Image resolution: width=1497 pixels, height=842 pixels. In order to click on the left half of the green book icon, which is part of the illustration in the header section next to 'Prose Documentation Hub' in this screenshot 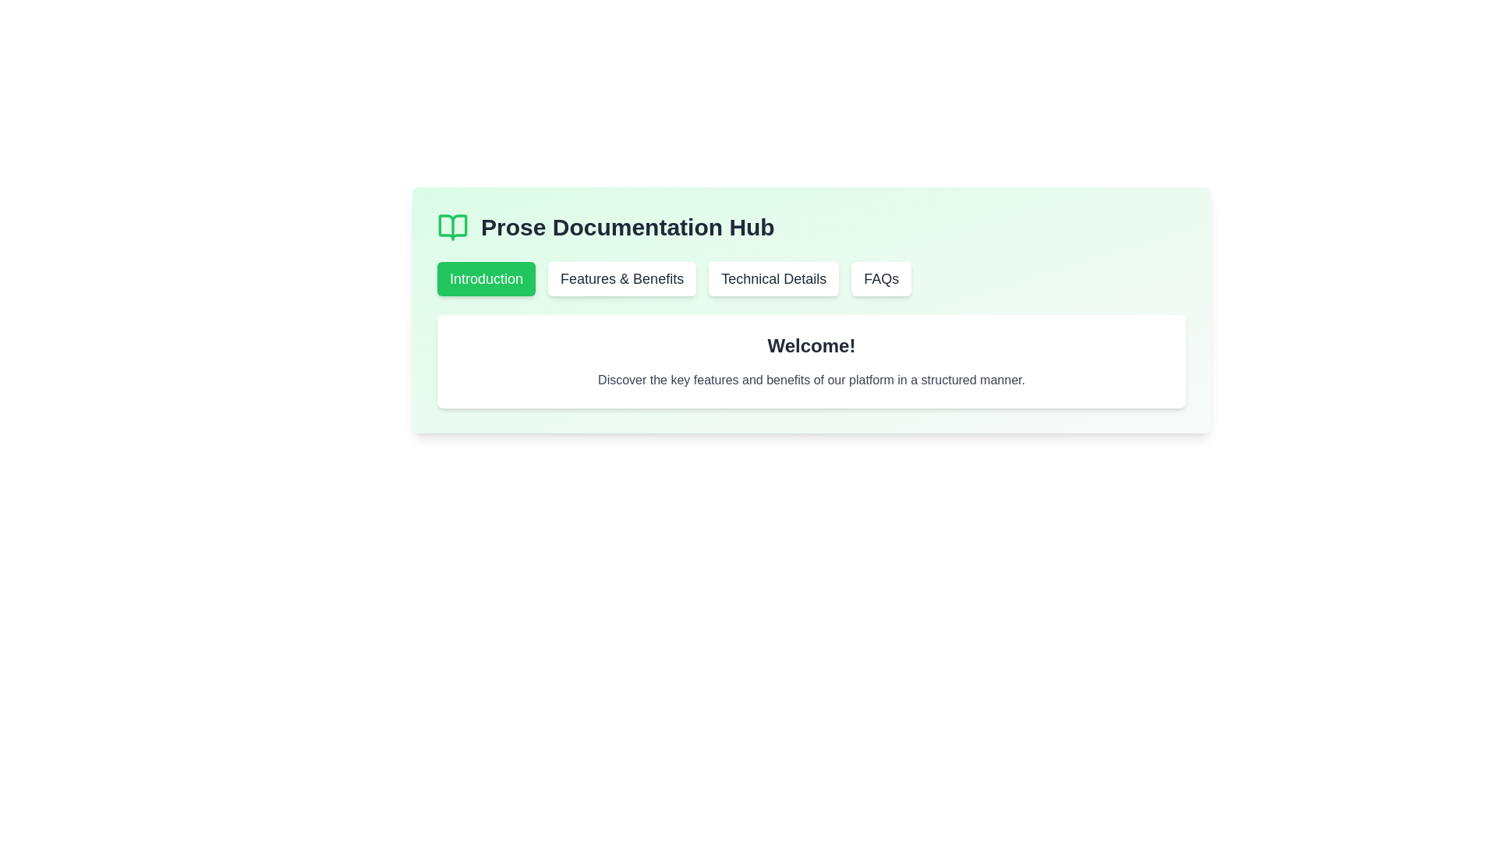, I will do `click(451, 228)`.